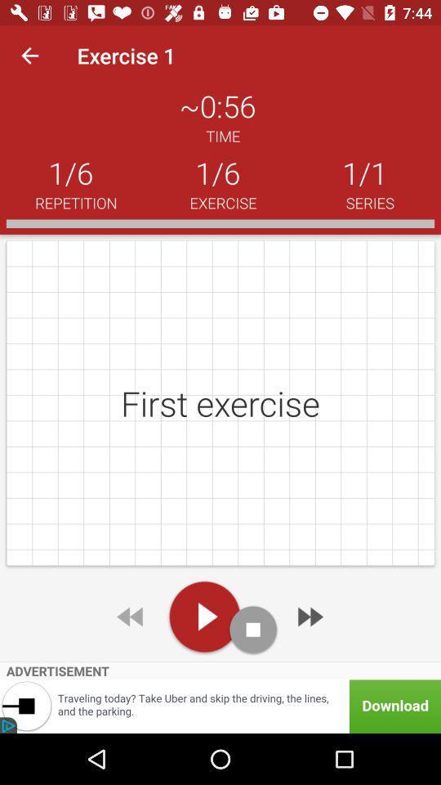  I want to click on download ap, so click(220, 706).